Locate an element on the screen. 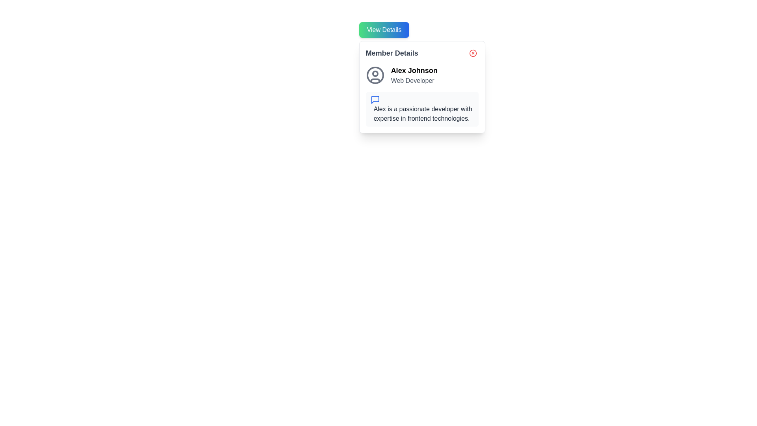 The image size is (757, 426). the text label displaying 'Member Details' which is styled in bold and located above the profile information section is located at coordinates (392, 53).